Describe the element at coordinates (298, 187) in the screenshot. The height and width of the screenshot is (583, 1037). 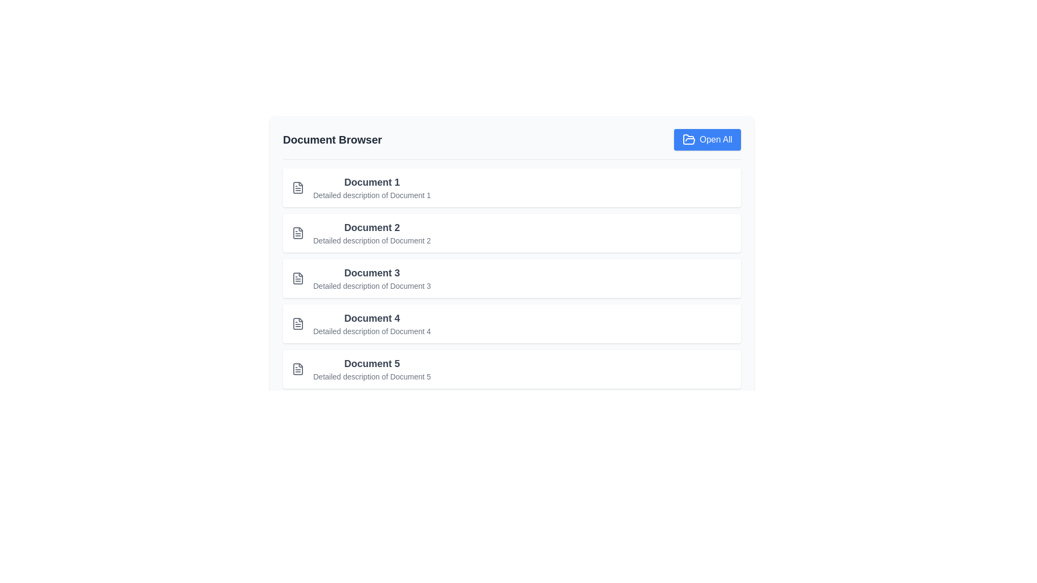
I see `the gray file icon located at the far left inside the first document entry titled 'Document 1'` at that location.